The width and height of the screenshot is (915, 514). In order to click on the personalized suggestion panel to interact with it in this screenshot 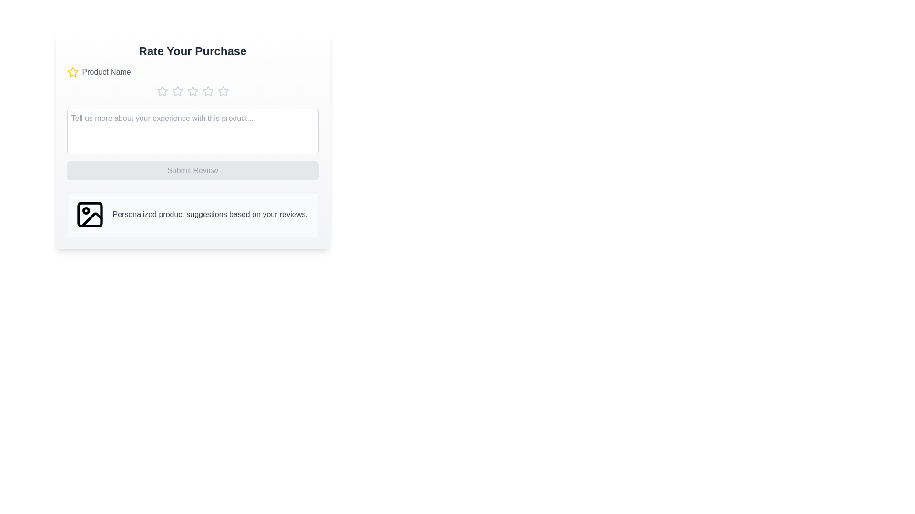, I will do `click(192, 215)`.